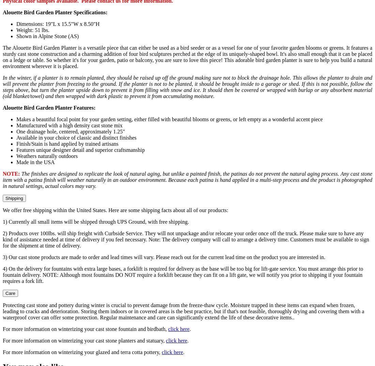  What do you see at coordinates (69, 125) in the screenshot?
I see `'Manufactured with a high density cast stone mix'` at bounding box center [69, 125].